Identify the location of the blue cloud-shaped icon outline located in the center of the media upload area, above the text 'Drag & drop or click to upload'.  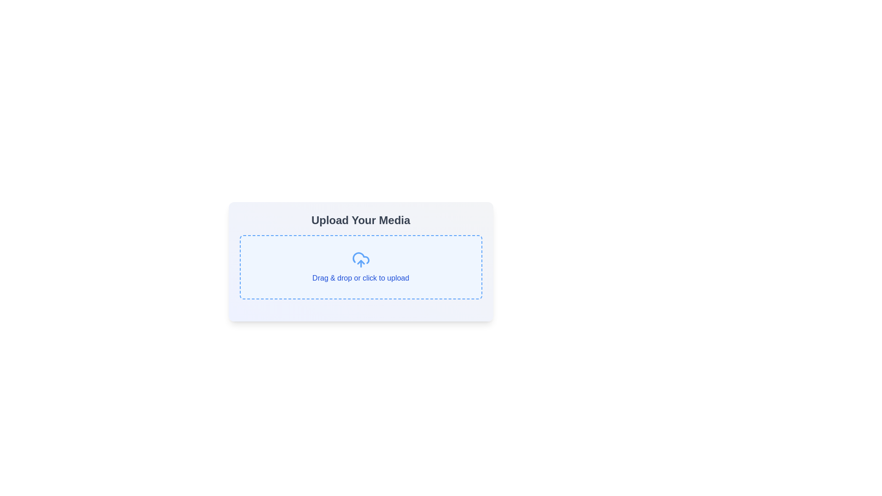
(360, 258).